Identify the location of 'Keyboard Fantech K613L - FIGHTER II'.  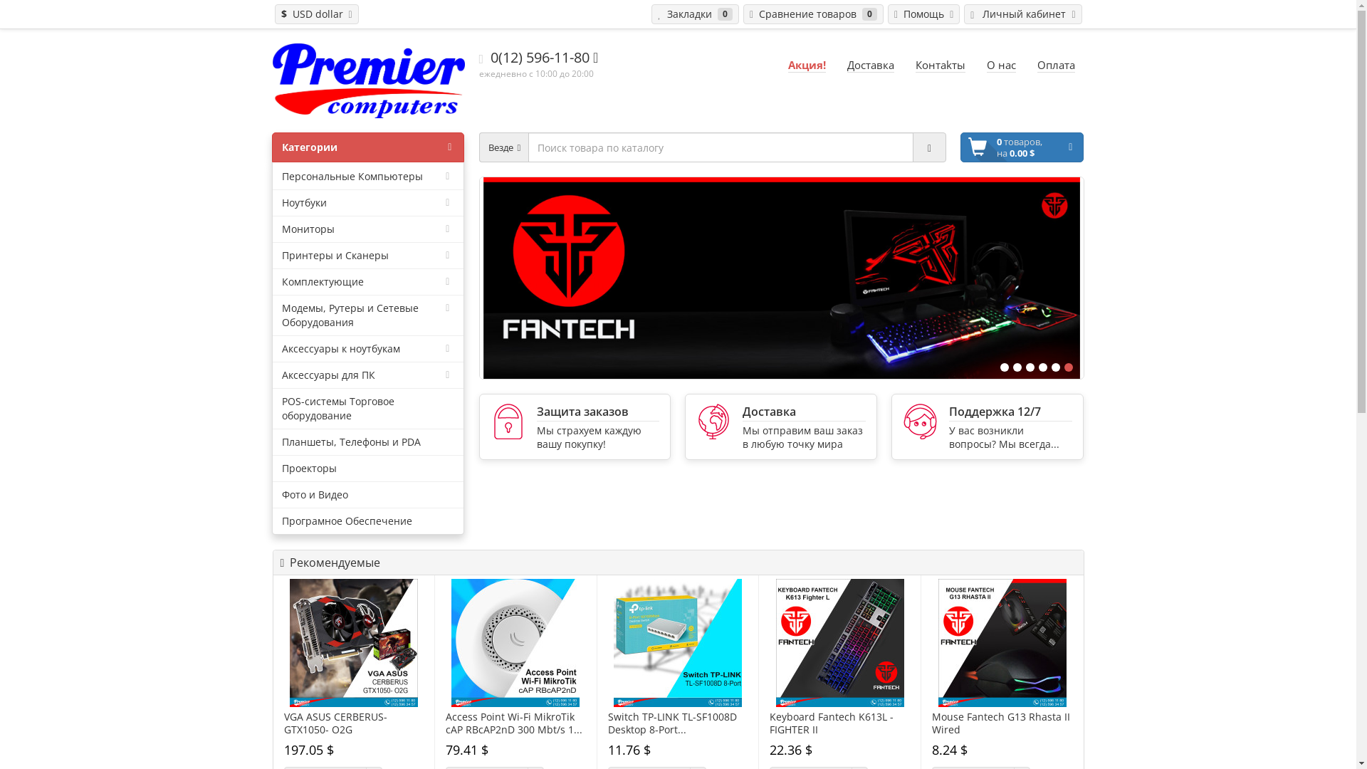
(839, 723).